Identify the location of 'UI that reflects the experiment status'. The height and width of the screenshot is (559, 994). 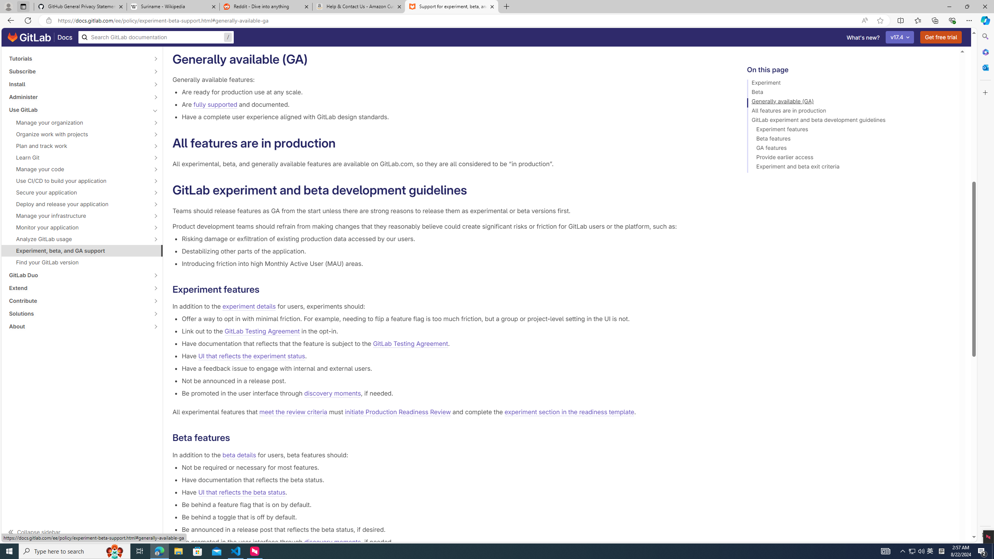
(251, 356).